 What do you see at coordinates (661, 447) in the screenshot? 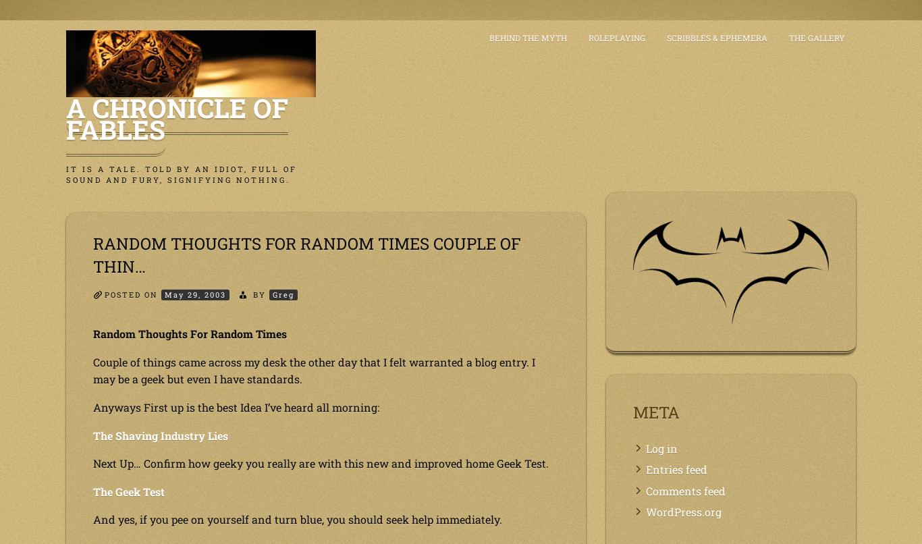
I see `'Log in'` at bounding box center [661, 447].